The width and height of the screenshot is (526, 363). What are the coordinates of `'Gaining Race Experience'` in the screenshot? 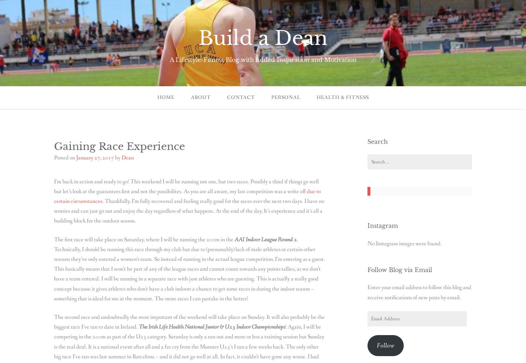 It's located at (119, 146).